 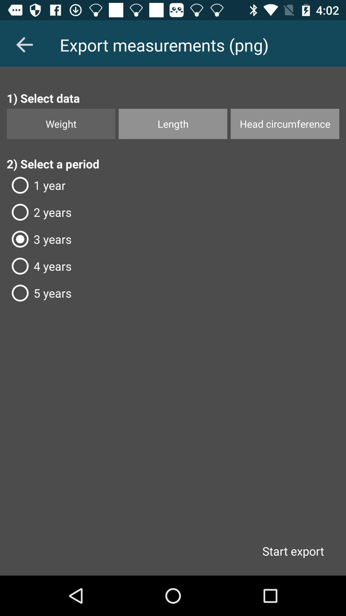 What do you see at coordinates (173, 212) in the screenshot?
I see `the icon below the 1 year item` at bounding box center [173, 212].